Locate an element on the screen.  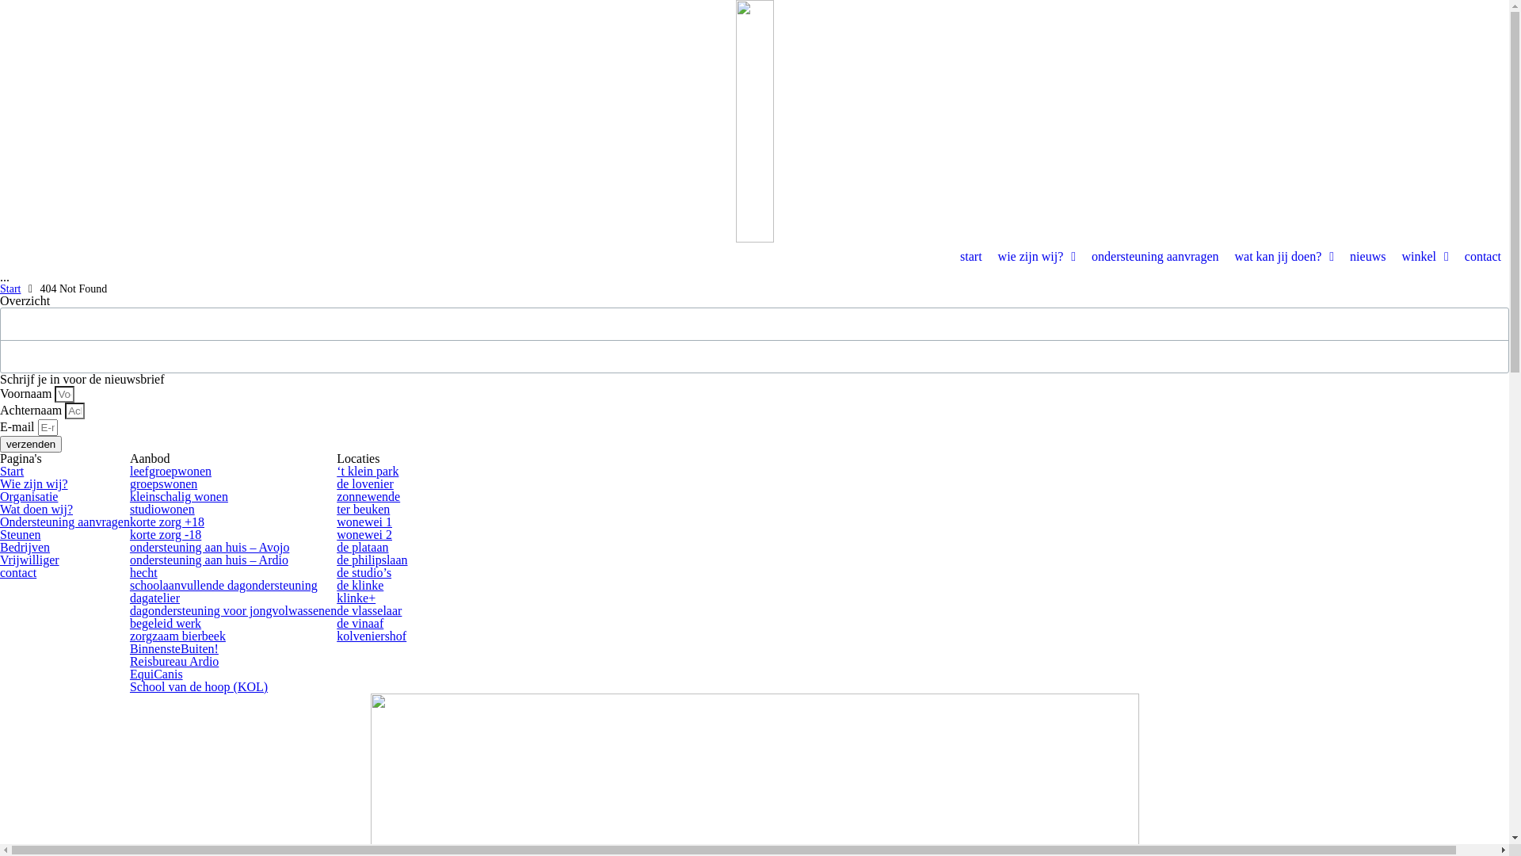
'ter beuken' is located at coordinates (362, 509).